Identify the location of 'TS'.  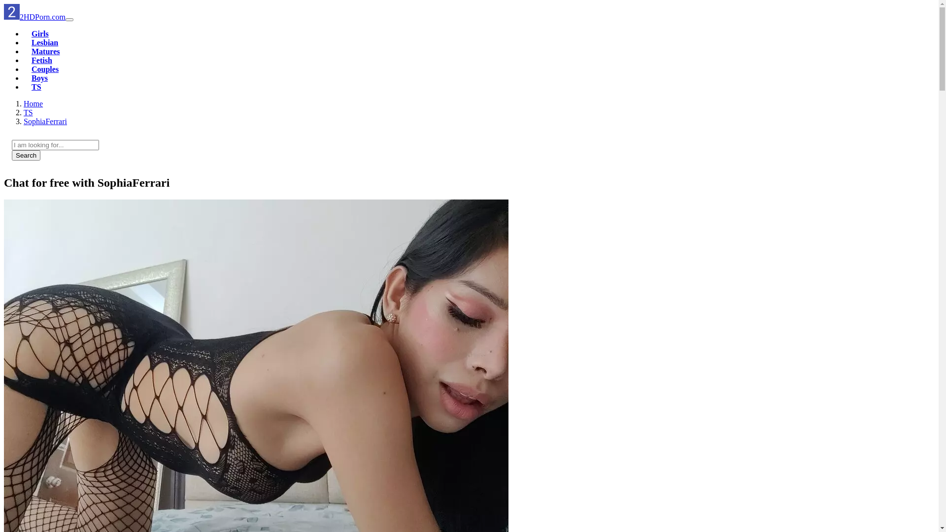
(36, 86).